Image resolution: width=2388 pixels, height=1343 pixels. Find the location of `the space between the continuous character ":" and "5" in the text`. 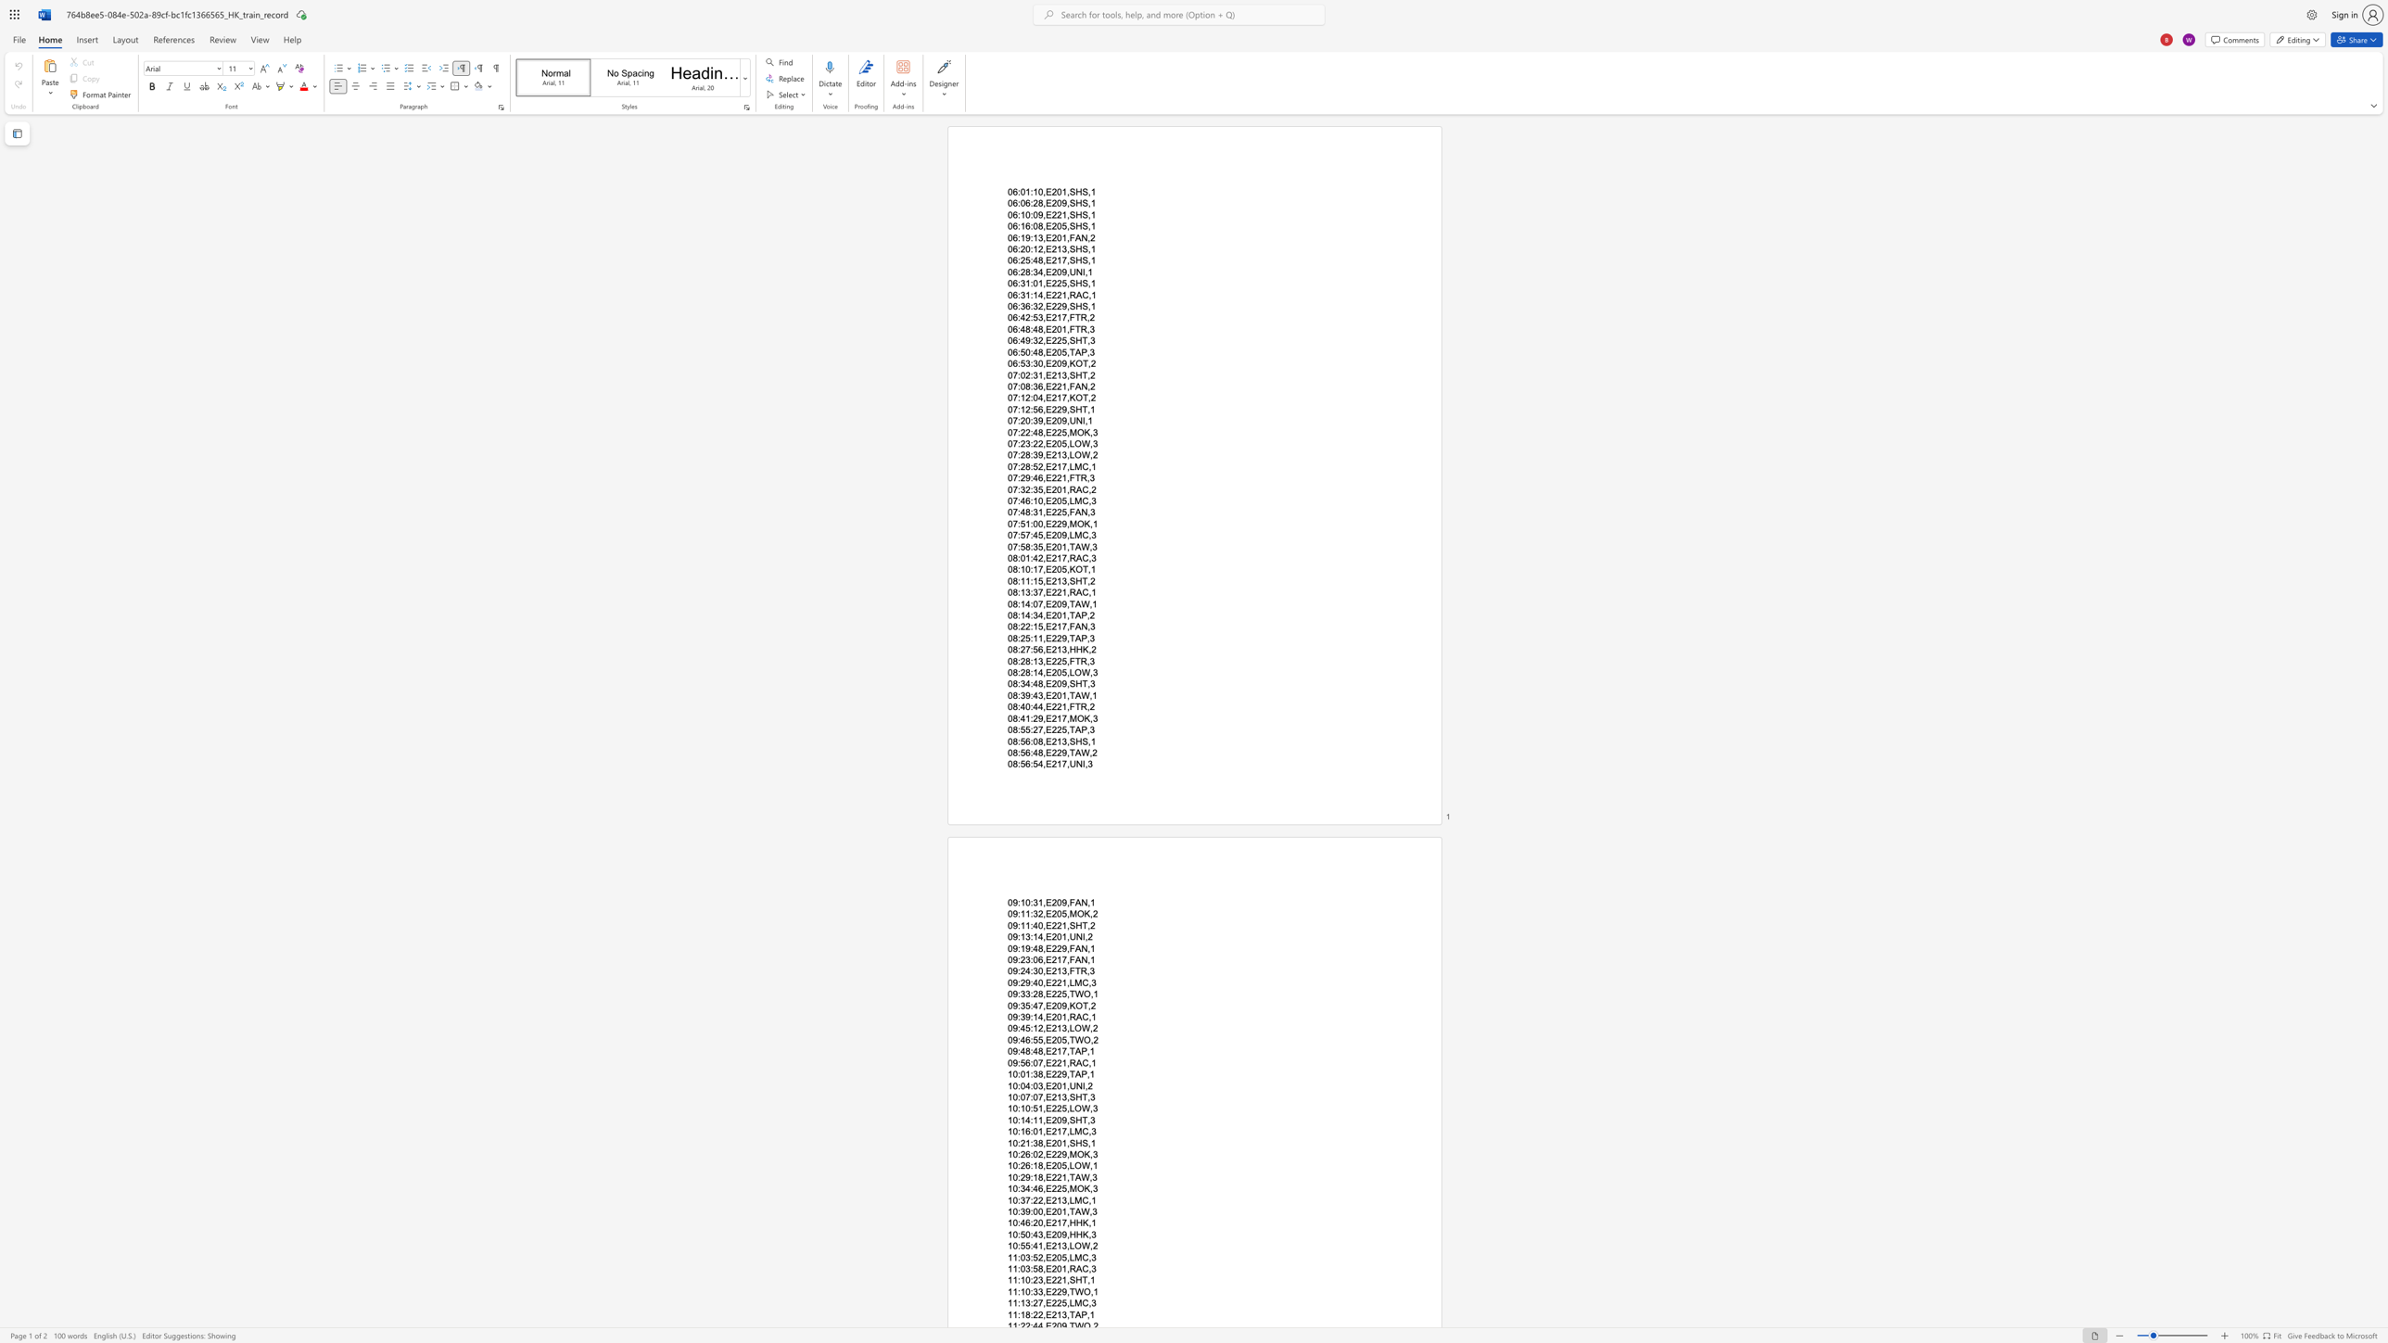

the space between the continuous character ":" and "5" in the text is located at coordinates (1020, 545).